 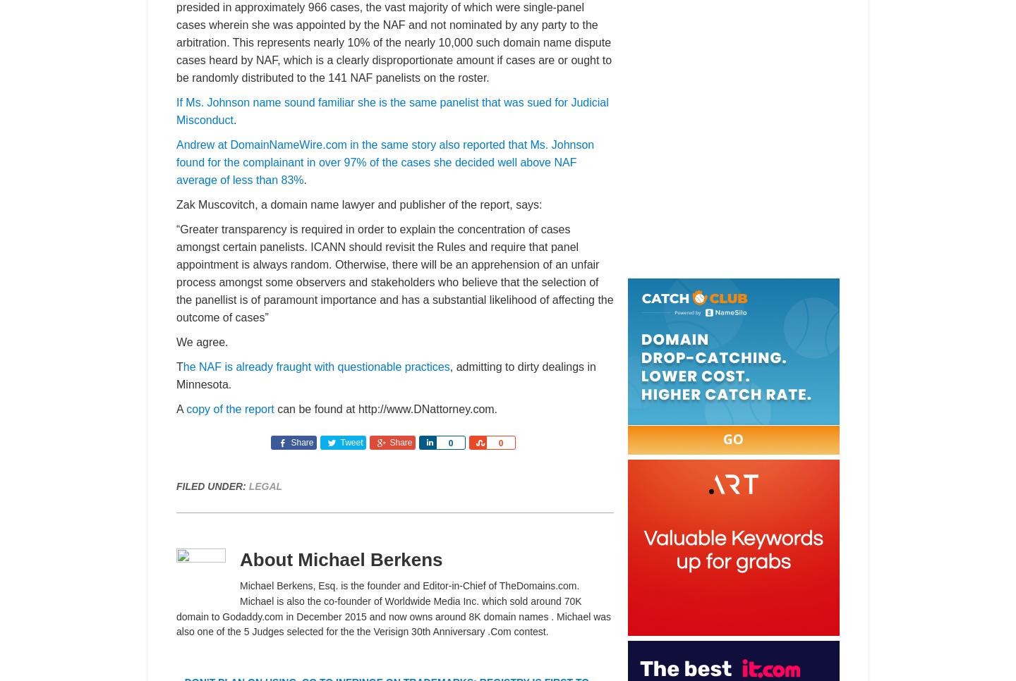 I want to click on 'Zak Muscovitch, a domain name lawyer and publisher of the report, says:', so click(x=175, y=204).